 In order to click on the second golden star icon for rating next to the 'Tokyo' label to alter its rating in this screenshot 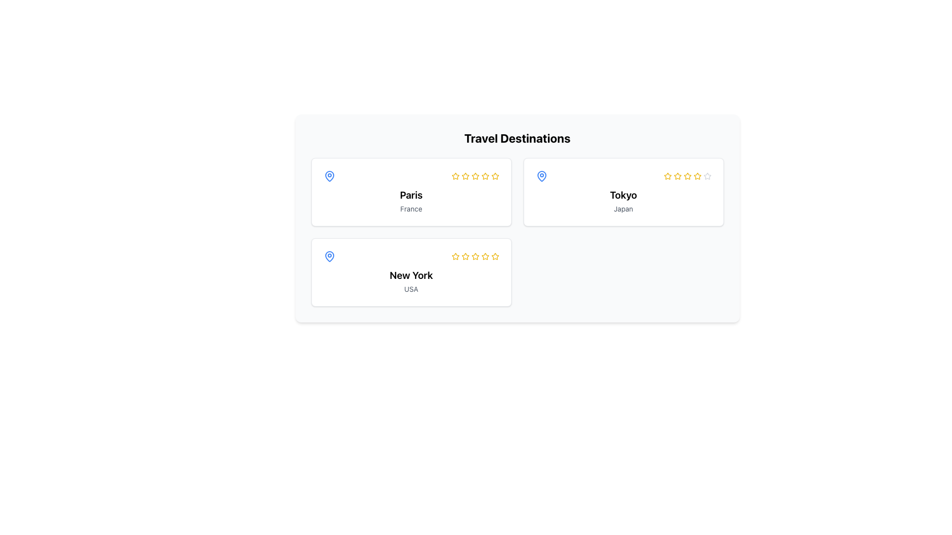, I will do `click(667, 175)`.